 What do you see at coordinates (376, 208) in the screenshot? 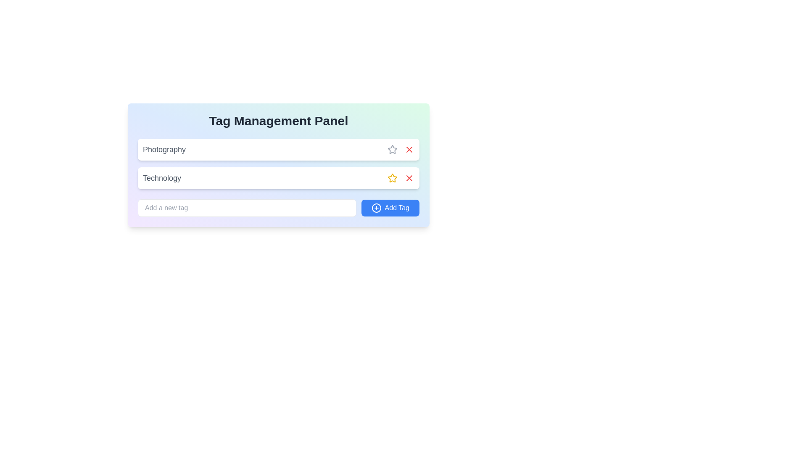
I see `the circle icon with a plus sign inside, located to the left of the 'Add Tag' text within the 'Add Tag' button` at bounding box center [376, 208].